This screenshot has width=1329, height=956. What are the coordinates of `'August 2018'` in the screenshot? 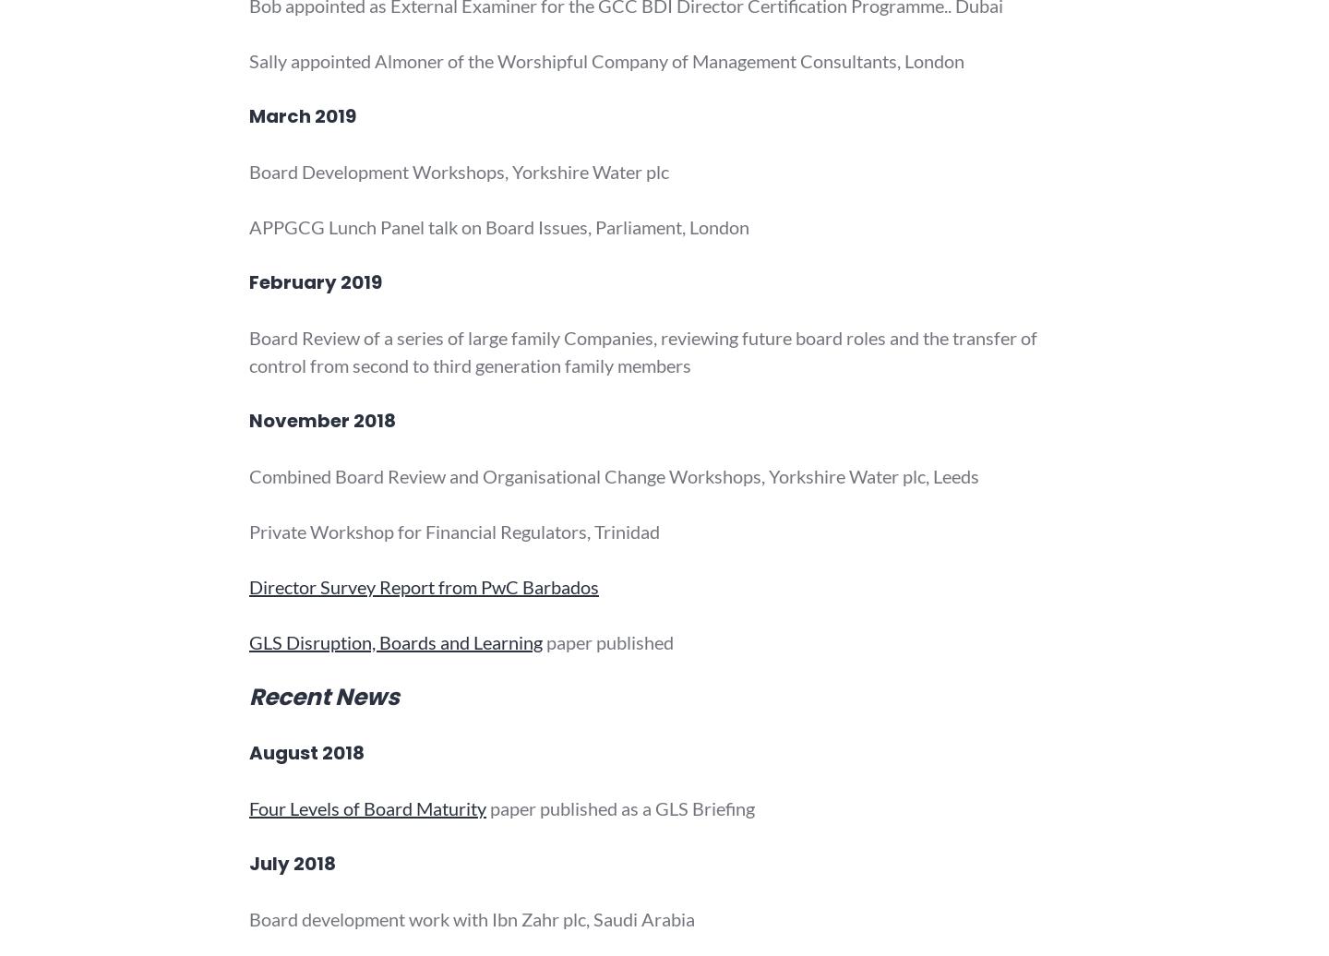 It's located at (306, 752).